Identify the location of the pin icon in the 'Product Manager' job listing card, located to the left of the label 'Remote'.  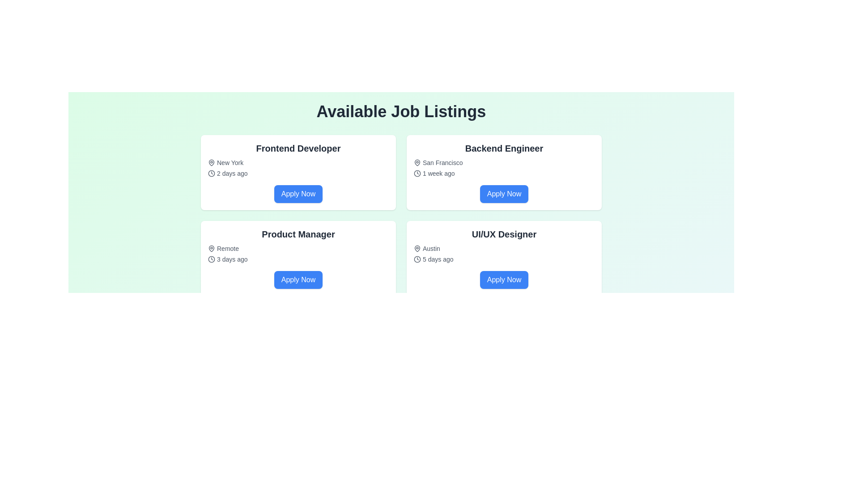
(211, 248).